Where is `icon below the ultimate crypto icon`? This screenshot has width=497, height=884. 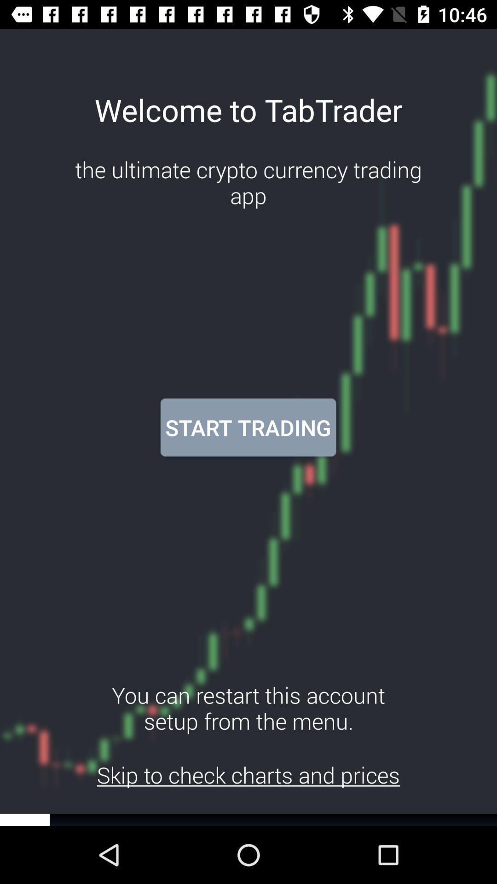
icon below the ultimate crypto icon is located at coordinates (248, 427).